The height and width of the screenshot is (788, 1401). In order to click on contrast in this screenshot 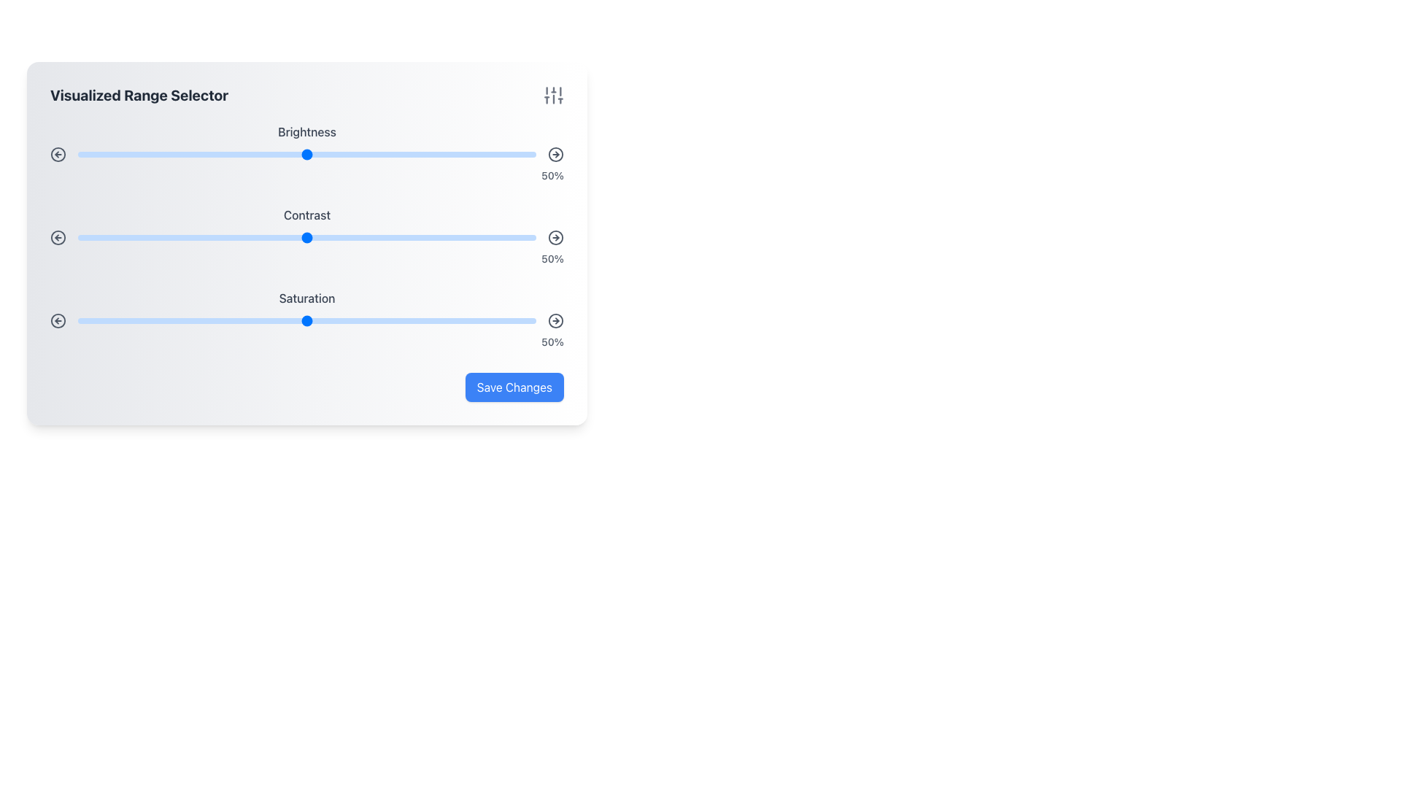, I will do `click(311, 237)`.